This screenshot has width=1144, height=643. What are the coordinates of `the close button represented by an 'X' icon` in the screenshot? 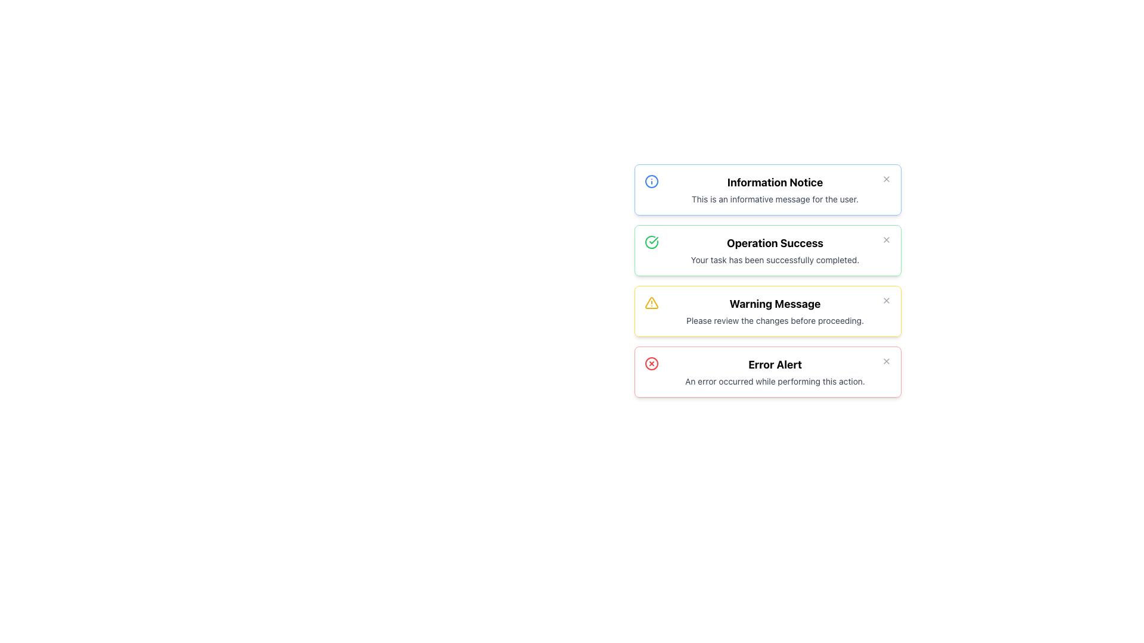 It's located at (887, 300).